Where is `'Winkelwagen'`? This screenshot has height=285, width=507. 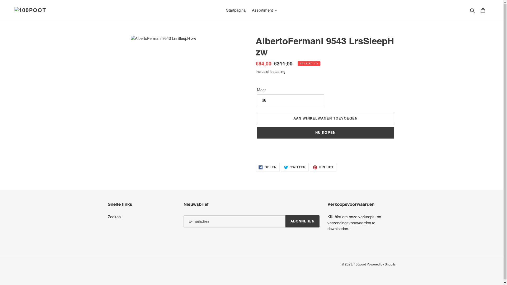
'Winkelwagen' is located at coordinates (483, 10).